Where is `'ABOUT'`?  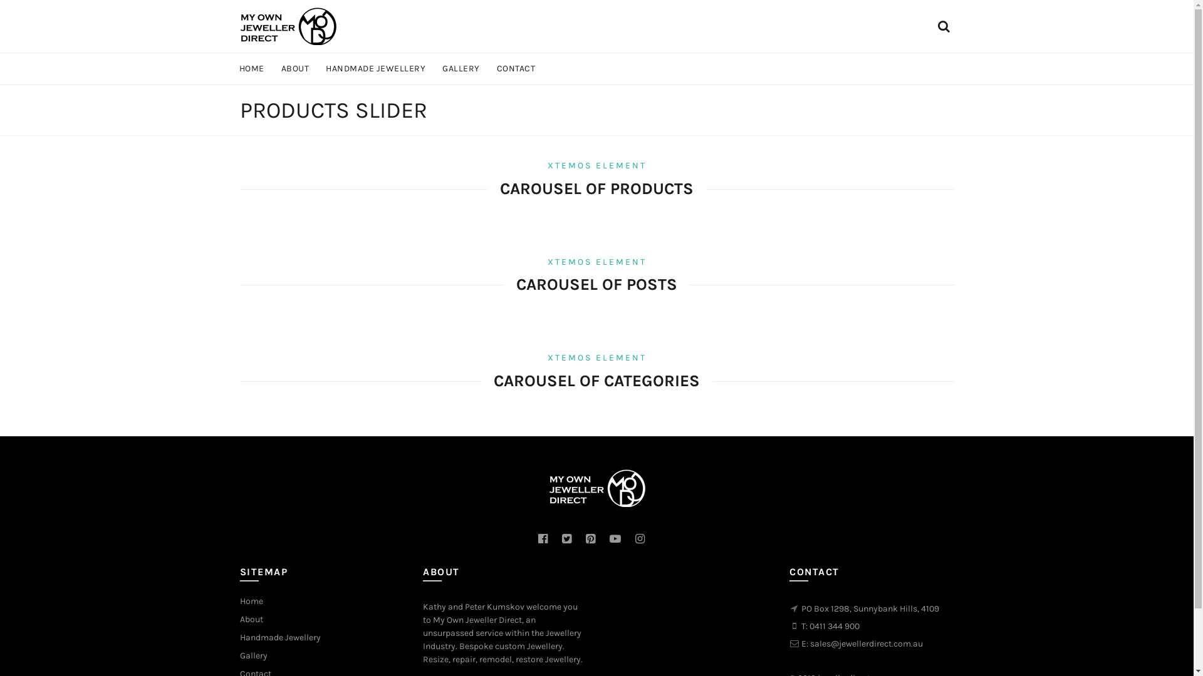 'ABOUT' is located at coordinates (294, 69).